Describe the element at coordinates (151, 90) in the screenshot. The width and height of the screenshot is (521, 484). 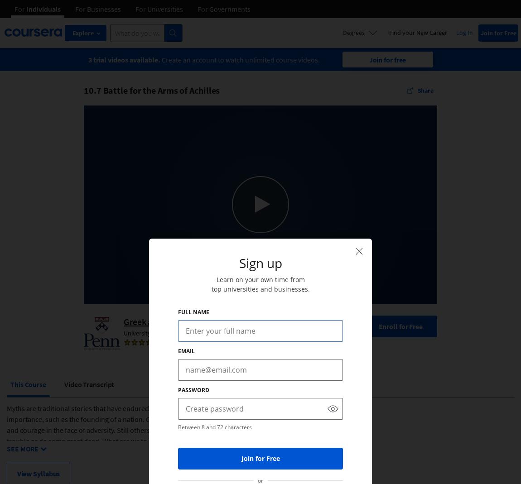
I see `'10.7 Battle for the Arms of Achilles'` at that location.